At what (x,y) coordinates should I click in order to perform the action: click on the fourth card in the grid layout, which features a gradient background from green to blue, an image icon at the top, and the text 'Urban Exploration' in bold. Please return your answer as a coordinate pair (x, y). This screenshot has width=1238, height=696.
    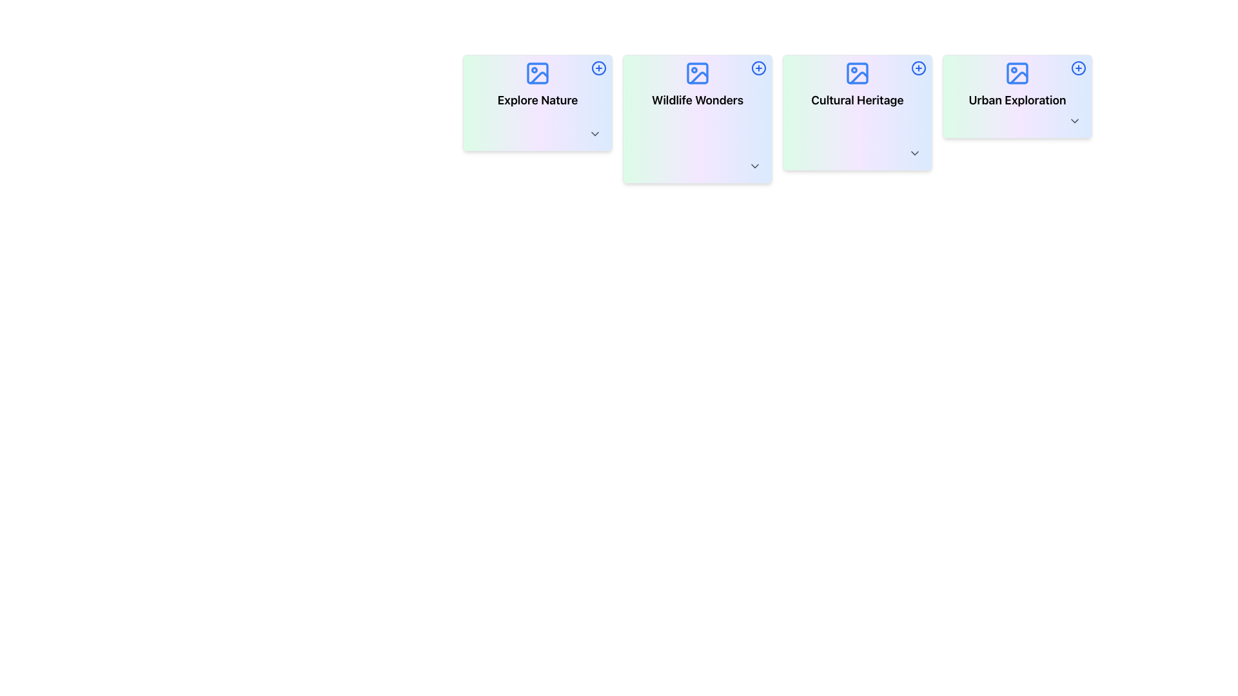
    Looking at the image, I should click on (1017, 96).